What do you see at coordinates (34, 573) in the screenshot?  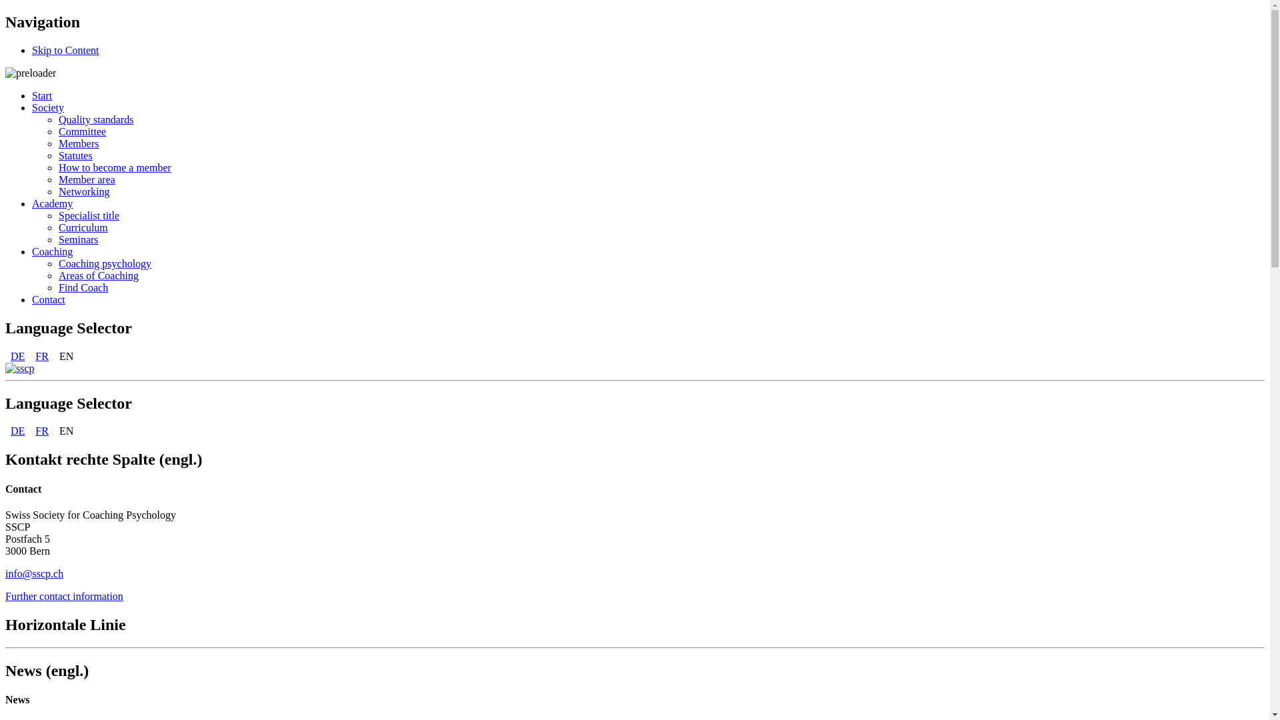 I see `'info@sscp.ch'` at bounding box center [34, 573].